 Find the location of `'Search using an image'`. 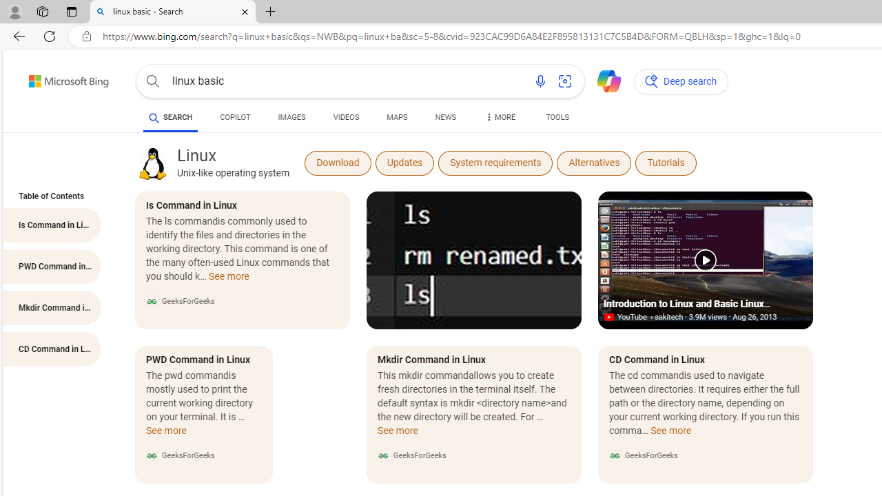

'Search using an image' is located at coordinates (565, 81).